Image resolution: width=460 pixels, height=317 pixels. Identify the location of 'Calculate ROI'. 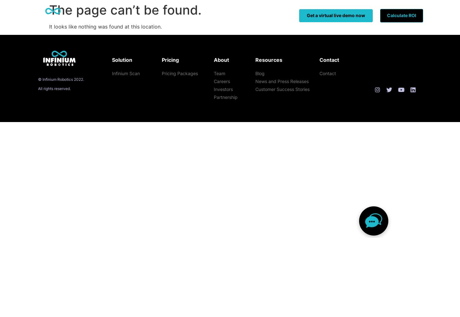
(401, 15).